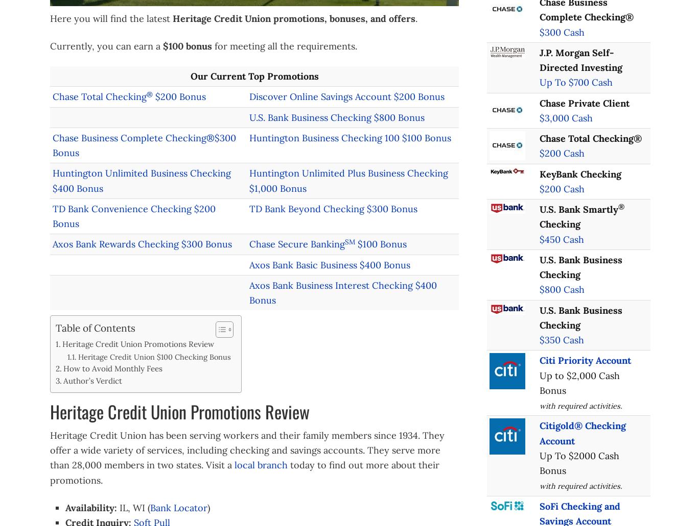  Describe the element at coordinates (582, 433) in the screenshot. I see `'Citigold® Checking Account'` at that location.